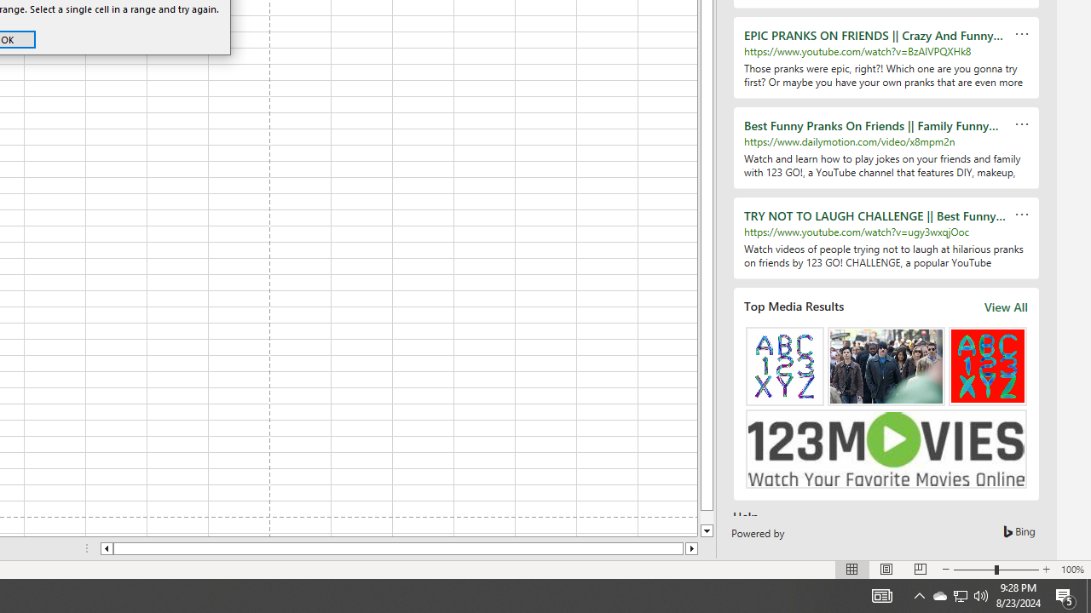 This screenshot has width=1091, height=613. What do you see at coordinates (886, 570) in the screenshot?
I see `'Page Layout'` at bounding box center [886, 570].